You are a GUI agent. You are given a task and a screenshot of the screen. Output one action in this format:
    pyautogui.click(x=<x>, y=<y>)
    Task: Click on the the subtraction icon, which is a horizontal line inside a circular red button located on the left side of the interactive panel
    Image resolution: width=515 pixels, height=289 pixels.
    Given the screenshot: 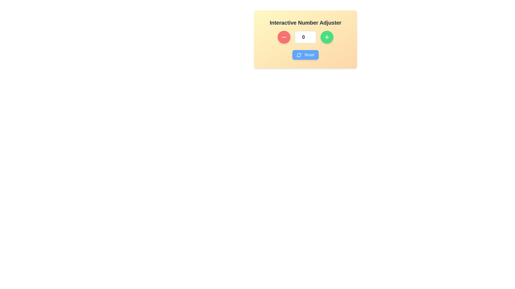 What is the action you would take?
    pyautogui.click(x=284, y=37)
    